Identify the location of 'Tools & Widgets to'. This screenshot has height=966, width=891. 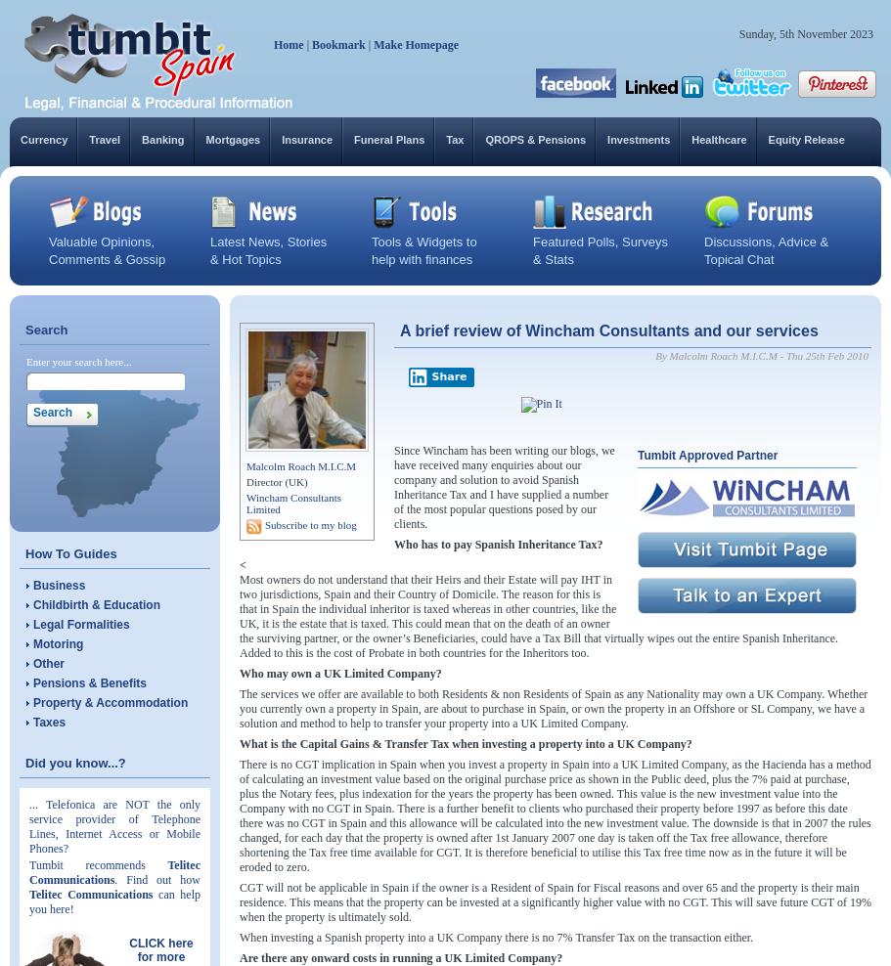
(423, 241).